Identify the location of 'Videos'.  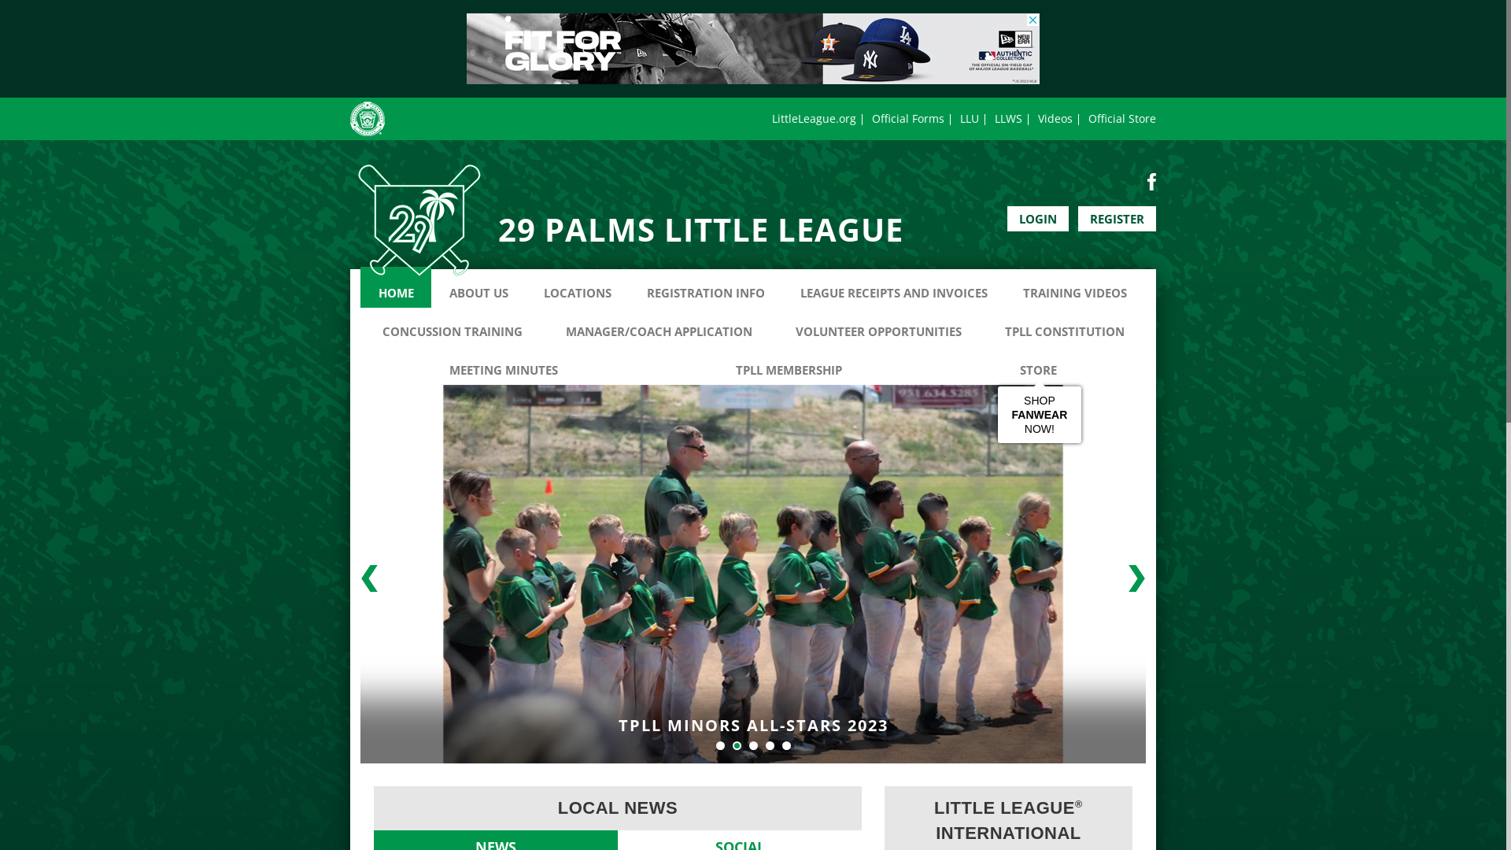
(1055, 117).